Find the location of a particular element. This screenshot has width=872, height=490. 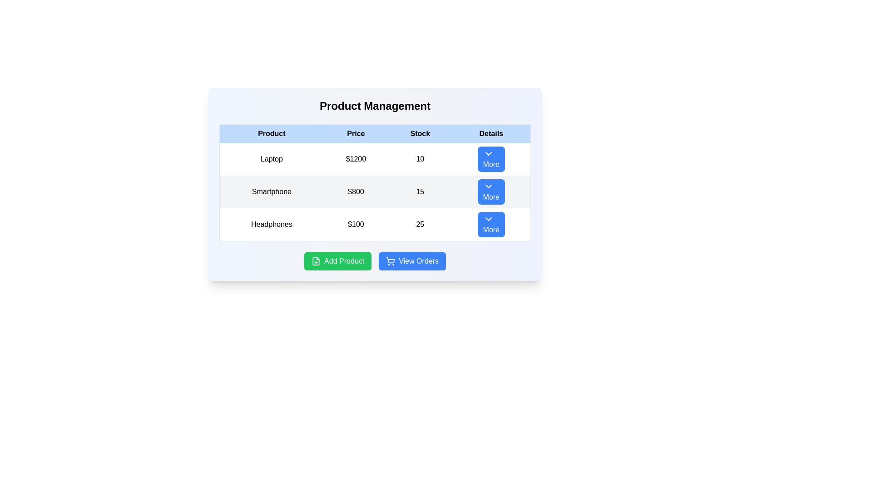

the button located in the 'Details' column of the row corresponding to the 'Smartphone' product is located at coordinates (491, 191).